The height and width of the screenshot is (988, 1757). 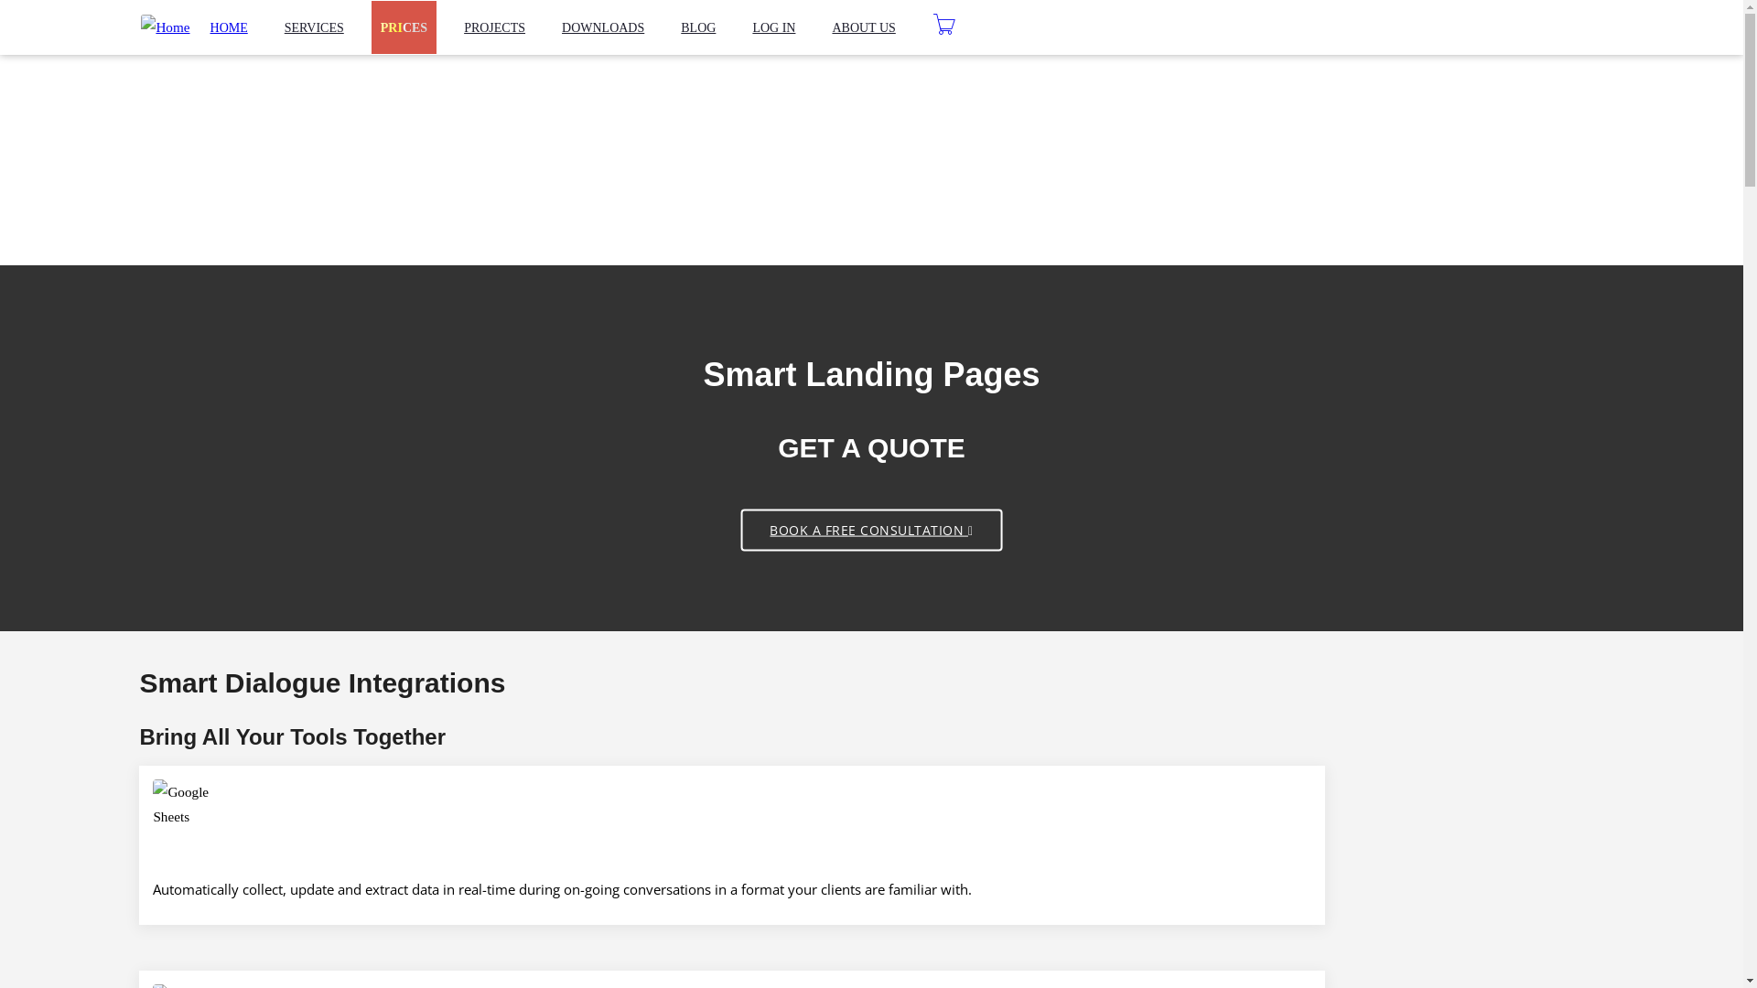 What do you see at coordinates (228, 27) in the screenshot?
I see `'HOME'` at bounding box center [228, 27].